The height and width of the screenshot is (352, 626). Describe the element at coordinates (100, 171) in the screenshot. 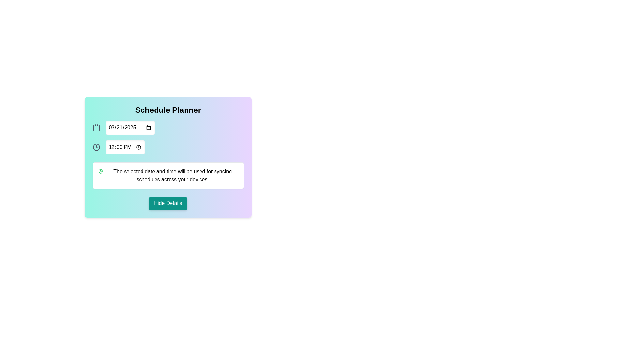

I see `the green pin-shaped icon located to the left of the text block 'The selected date and time will be used for syncing schedules across your devices.'` at that location.